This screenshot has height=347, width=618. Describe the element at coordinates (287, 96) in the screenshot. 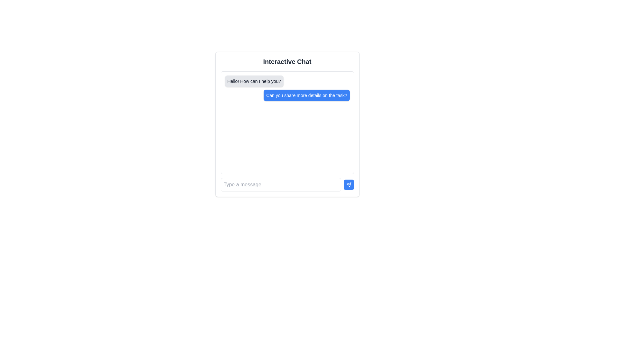

I see `the blue text bubble containing the message 'Can you share more details on the task?' by moving the cursor to its center point` at that location.